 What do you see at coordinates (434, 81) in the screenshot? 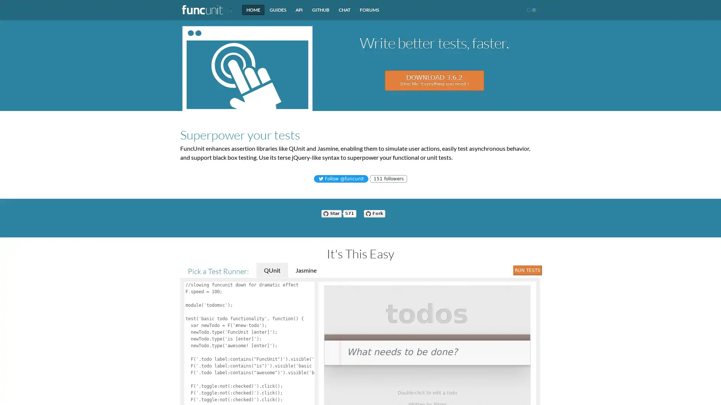
I see `DOWNLOAD 3.6.2 (One file. Everything you need.)` at bounding box center [434, 81].